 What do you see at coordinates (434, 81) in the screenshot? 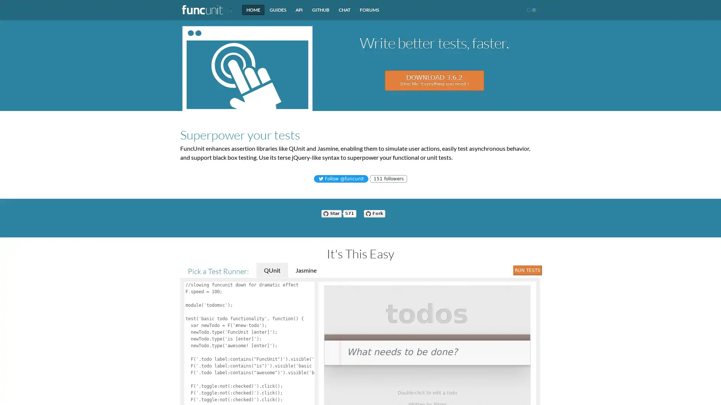
I see `DOWNLOAD 3.6.2 (One file. Everything you need.)` at bounding box center [434, 81].